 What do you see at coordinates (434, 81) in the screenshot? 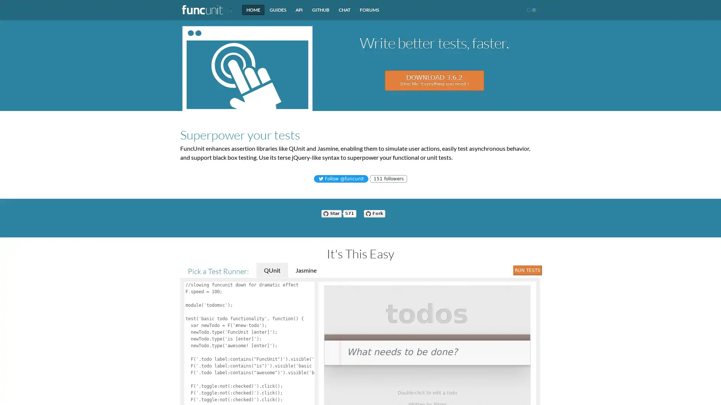
I see `DOWNLOAD 3.6.2 (One file. Everything you need.)` at bounding box center [434, 81].